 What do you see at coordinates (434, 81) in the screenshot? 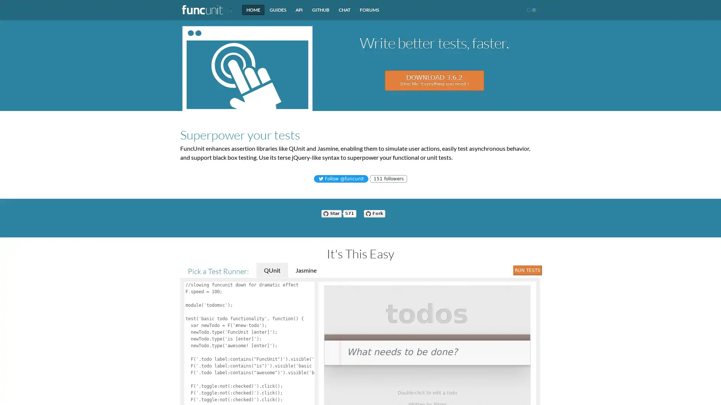
I see `DOWNLOAD 3.6.2 (One file. Everything you need.)` at bounding box center [434, 81].